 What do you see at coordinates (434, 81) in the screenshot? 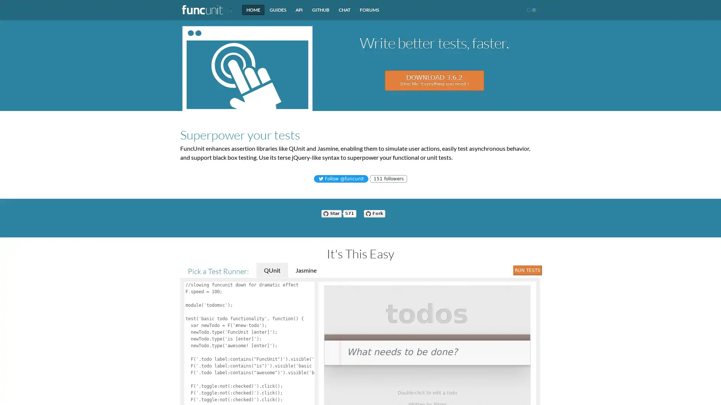
I see `DOWNLOAD 3.6.2 (One file. Everything you need.)` at bounding box center [434, 81].